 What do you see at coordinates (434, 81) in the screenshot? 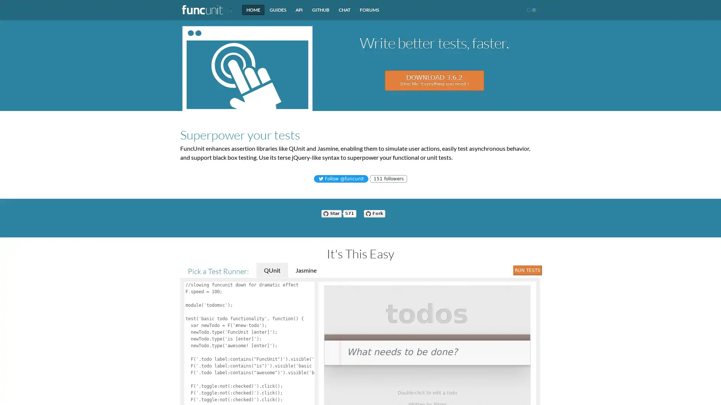
I see `DOWNLOAD 3.6.2 (One file. Everything you need.)` at bounding box center [434, 81].